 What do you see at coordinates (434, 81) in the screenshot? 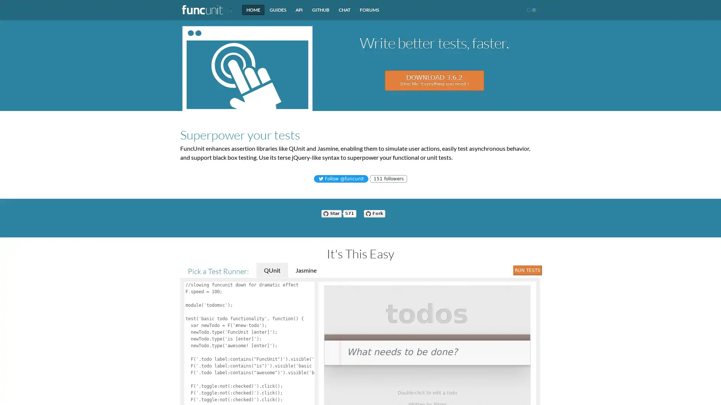
I see `DOWNLOAD 3.6.2 (One file. Everything you need.)` at bounding box center [434, 81].